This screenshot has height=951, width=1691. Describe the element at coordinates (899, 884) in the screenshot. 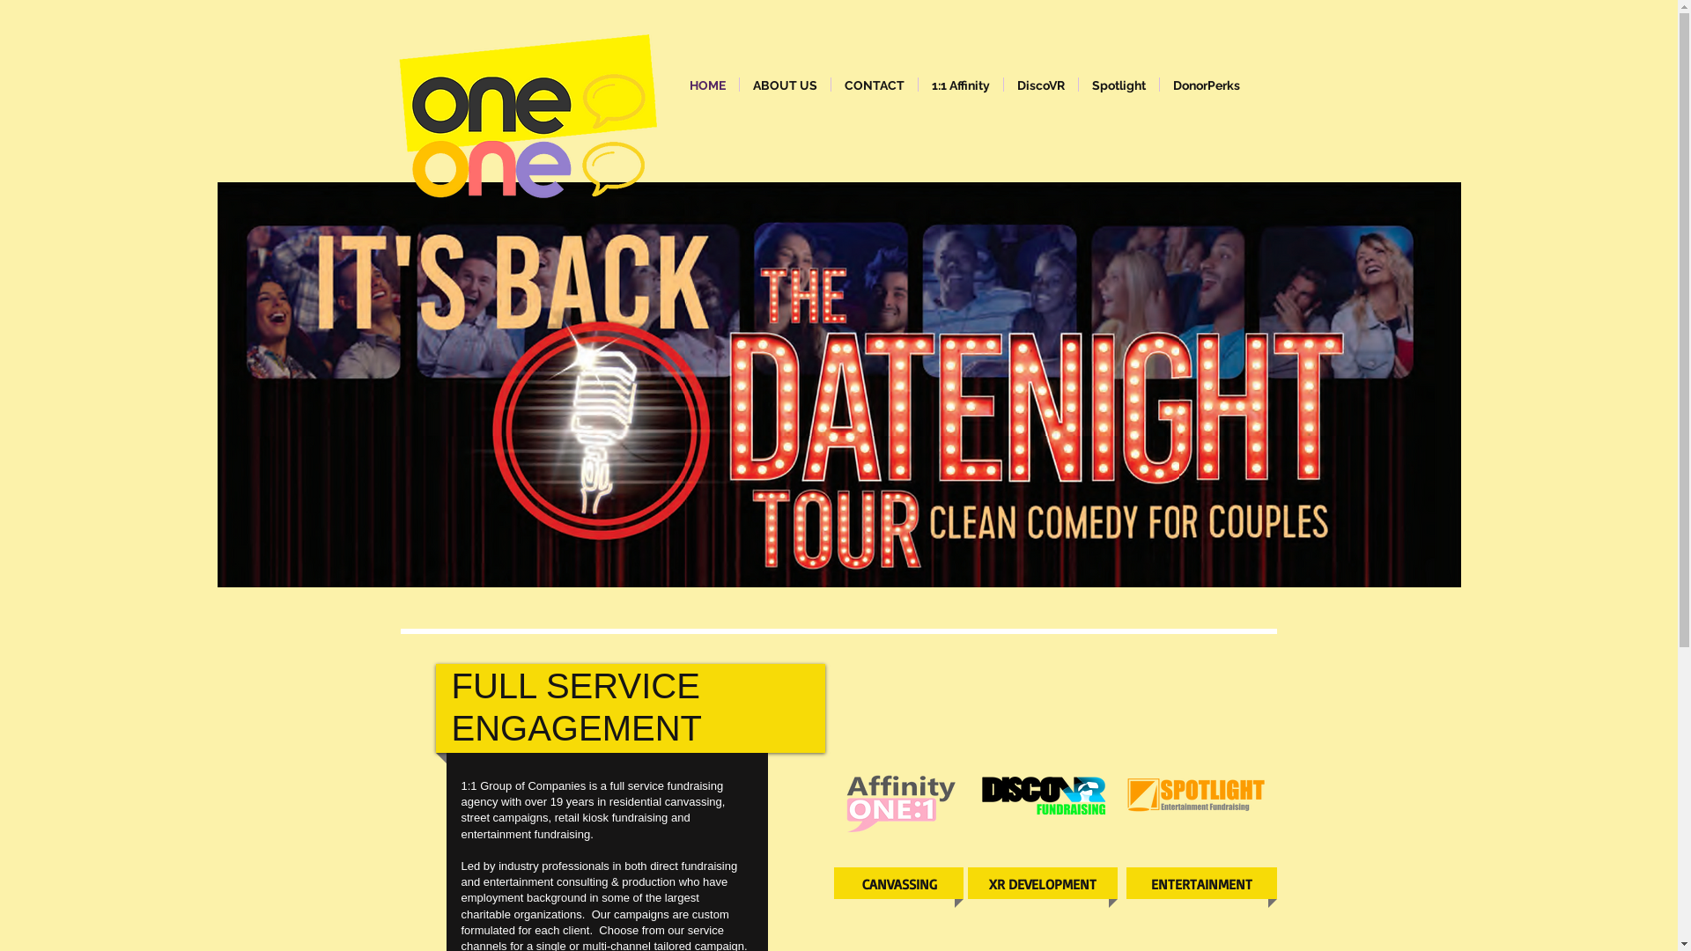

I see `'CANVASSING'` at that location.